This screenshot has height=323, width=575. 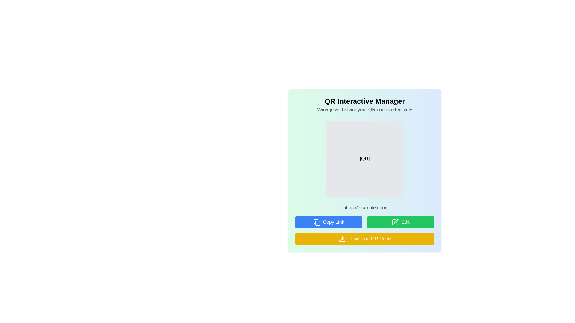 What do you see at coordinates (316, 221) in the screenshot?
I see `the graphical icon resembling a sheet of paper with a folded corner located within the 'Copy Link' button, which is the leftmost button of three at the bottom of the card` at bounding box center [316, 221].